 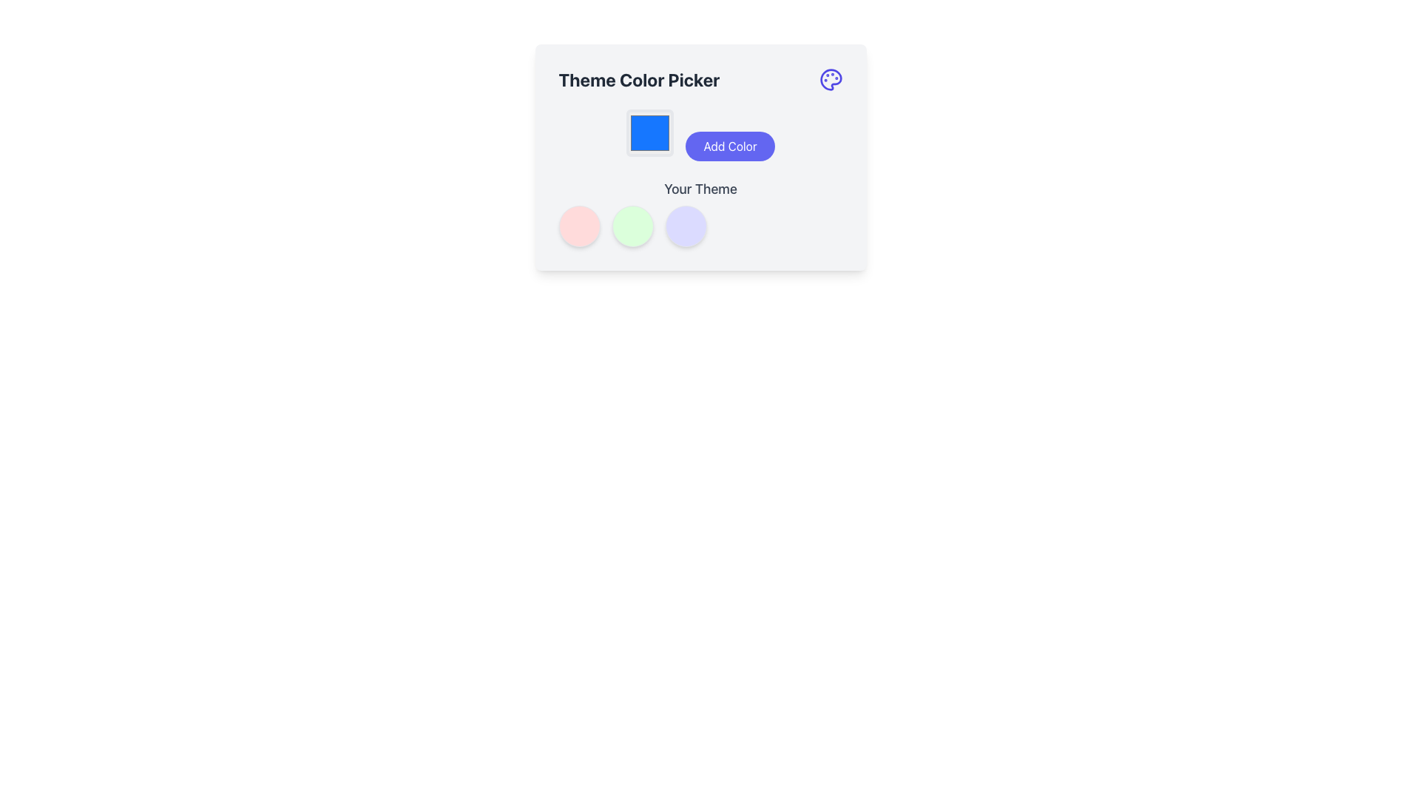 I want to click on the Text Label that serves as a header for picking theme colors, located to the left of a palette icon, so click(x=639, y=80).